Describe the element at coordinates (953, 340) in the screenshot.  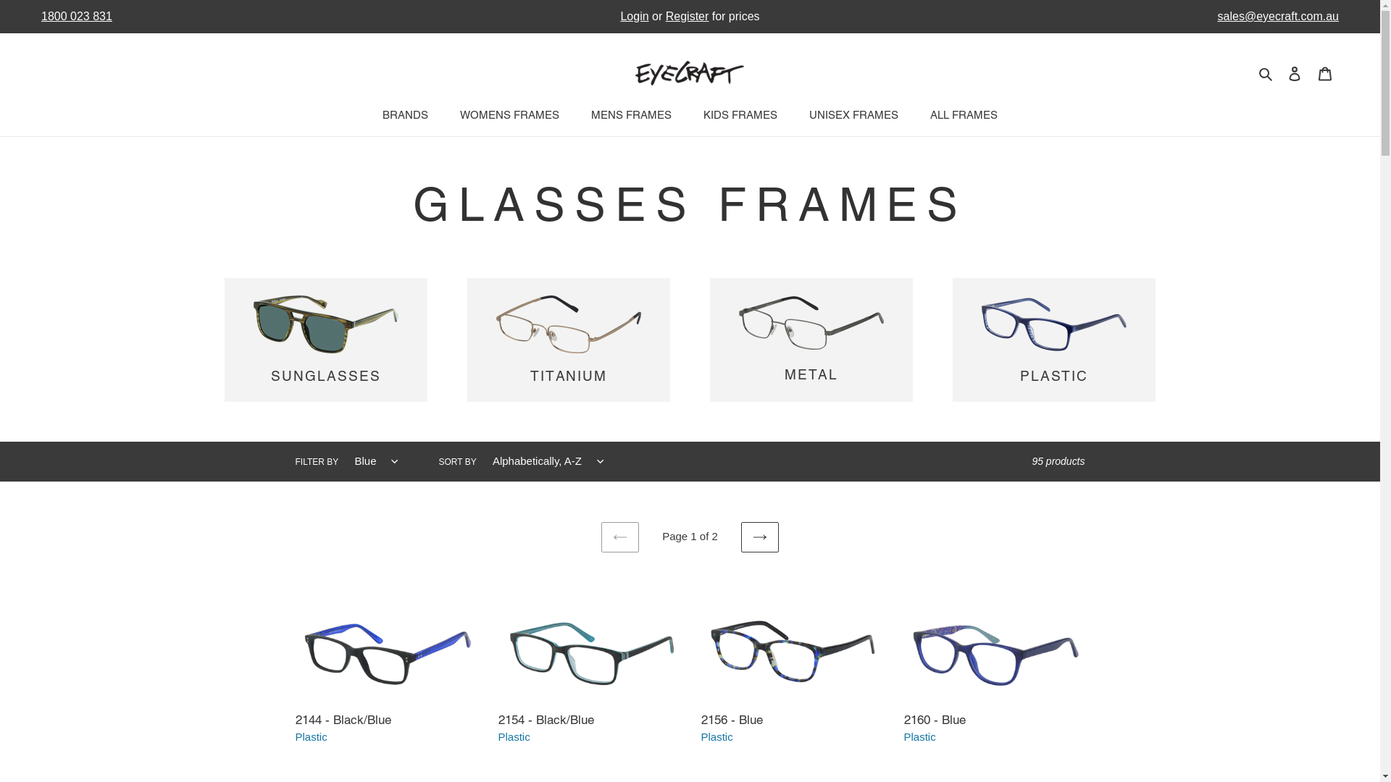
I see `'PLASTIC'` at that location.